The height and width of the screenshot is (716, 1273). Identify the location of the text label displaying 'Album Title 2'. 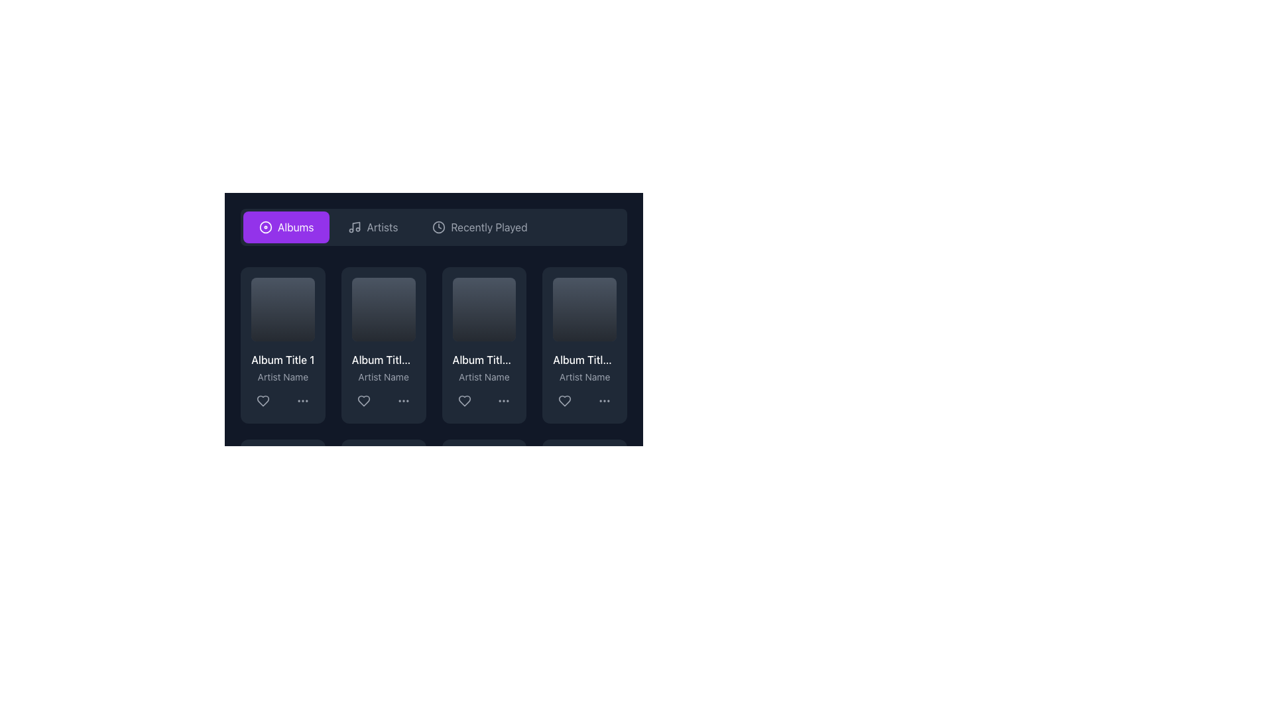
(383, 359).